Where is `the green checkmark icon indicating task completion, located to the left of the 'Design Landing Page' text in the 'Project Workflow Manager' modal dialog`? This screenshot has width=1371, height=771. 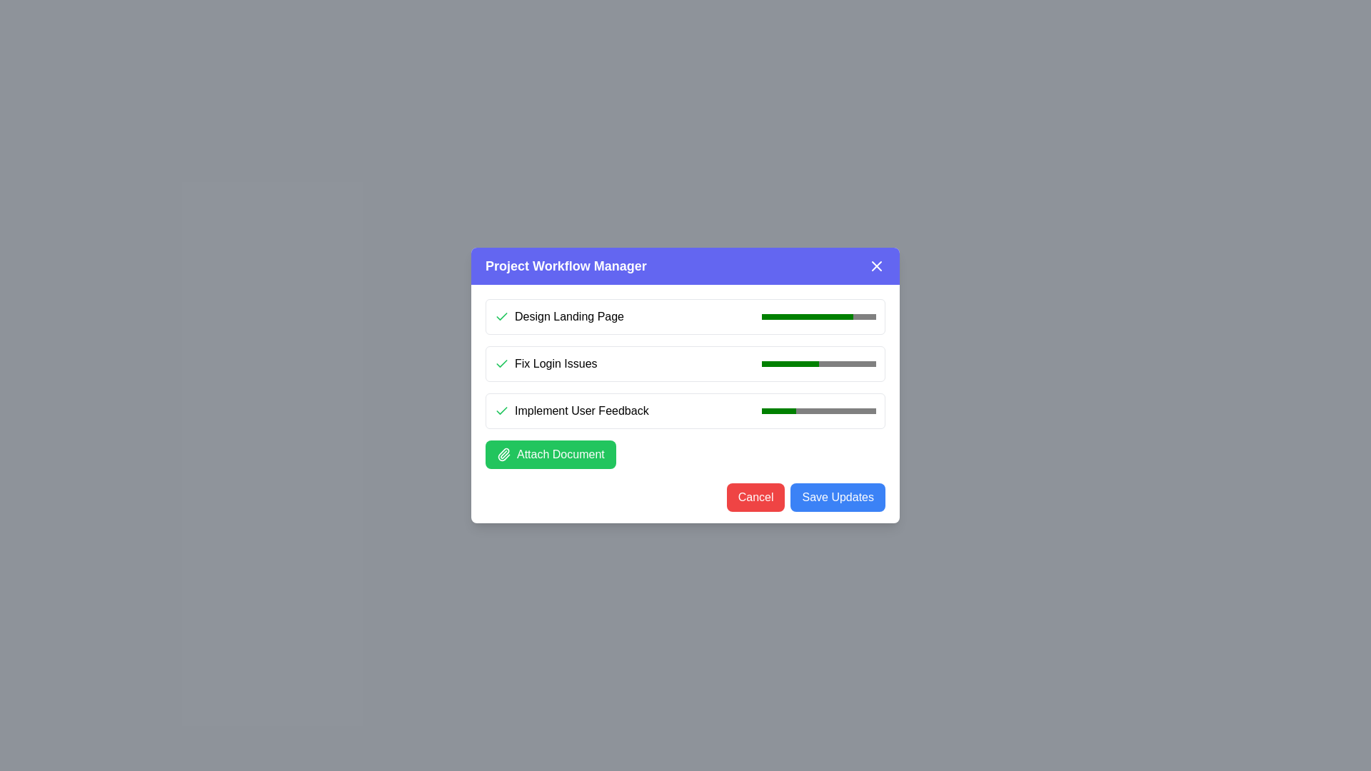
the green checkmark icon indicating task completion, located to the left of the 'Design Landing Page' text in the 'Project Workflow Manager' modal dialog is located at coordinates (501, 363).